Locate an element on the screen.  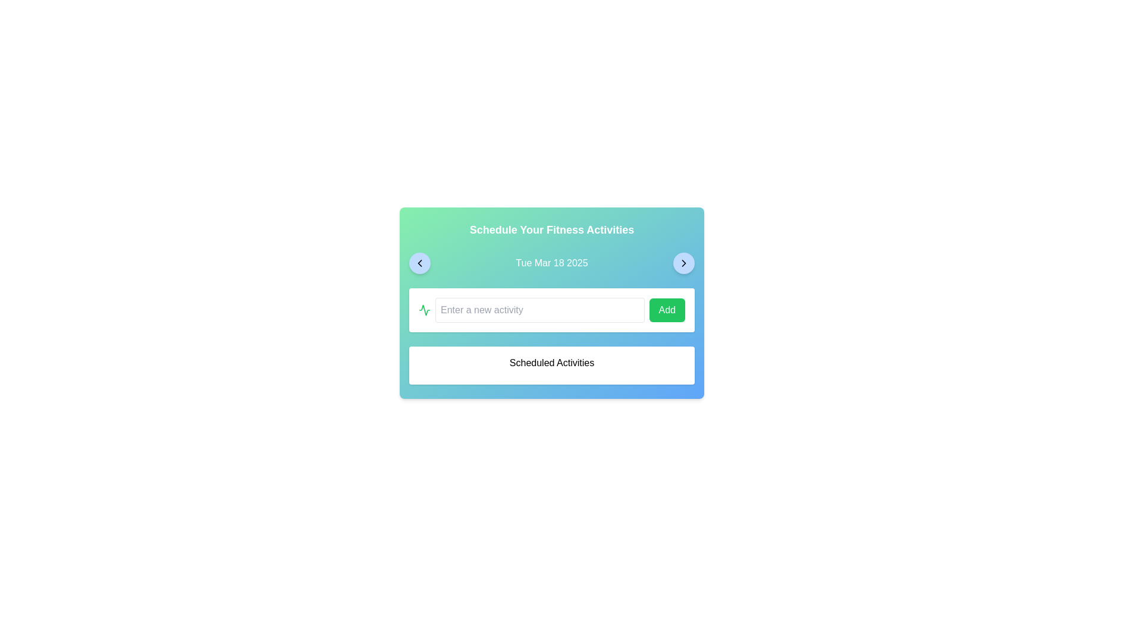
the date label displaying 'Tue Mar 18 2025' which is centered at the top of the card labeled 'Schedule Your Fitness Activities', positioned between two circular blue buttons with left and right chevron icons is located at coordinates (551, 263).